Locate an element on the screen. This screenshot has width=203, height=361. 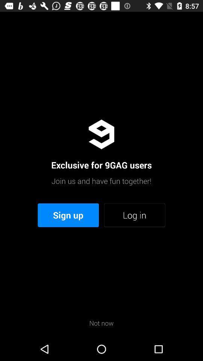
the sign up item is located at coordinates (68, 215).